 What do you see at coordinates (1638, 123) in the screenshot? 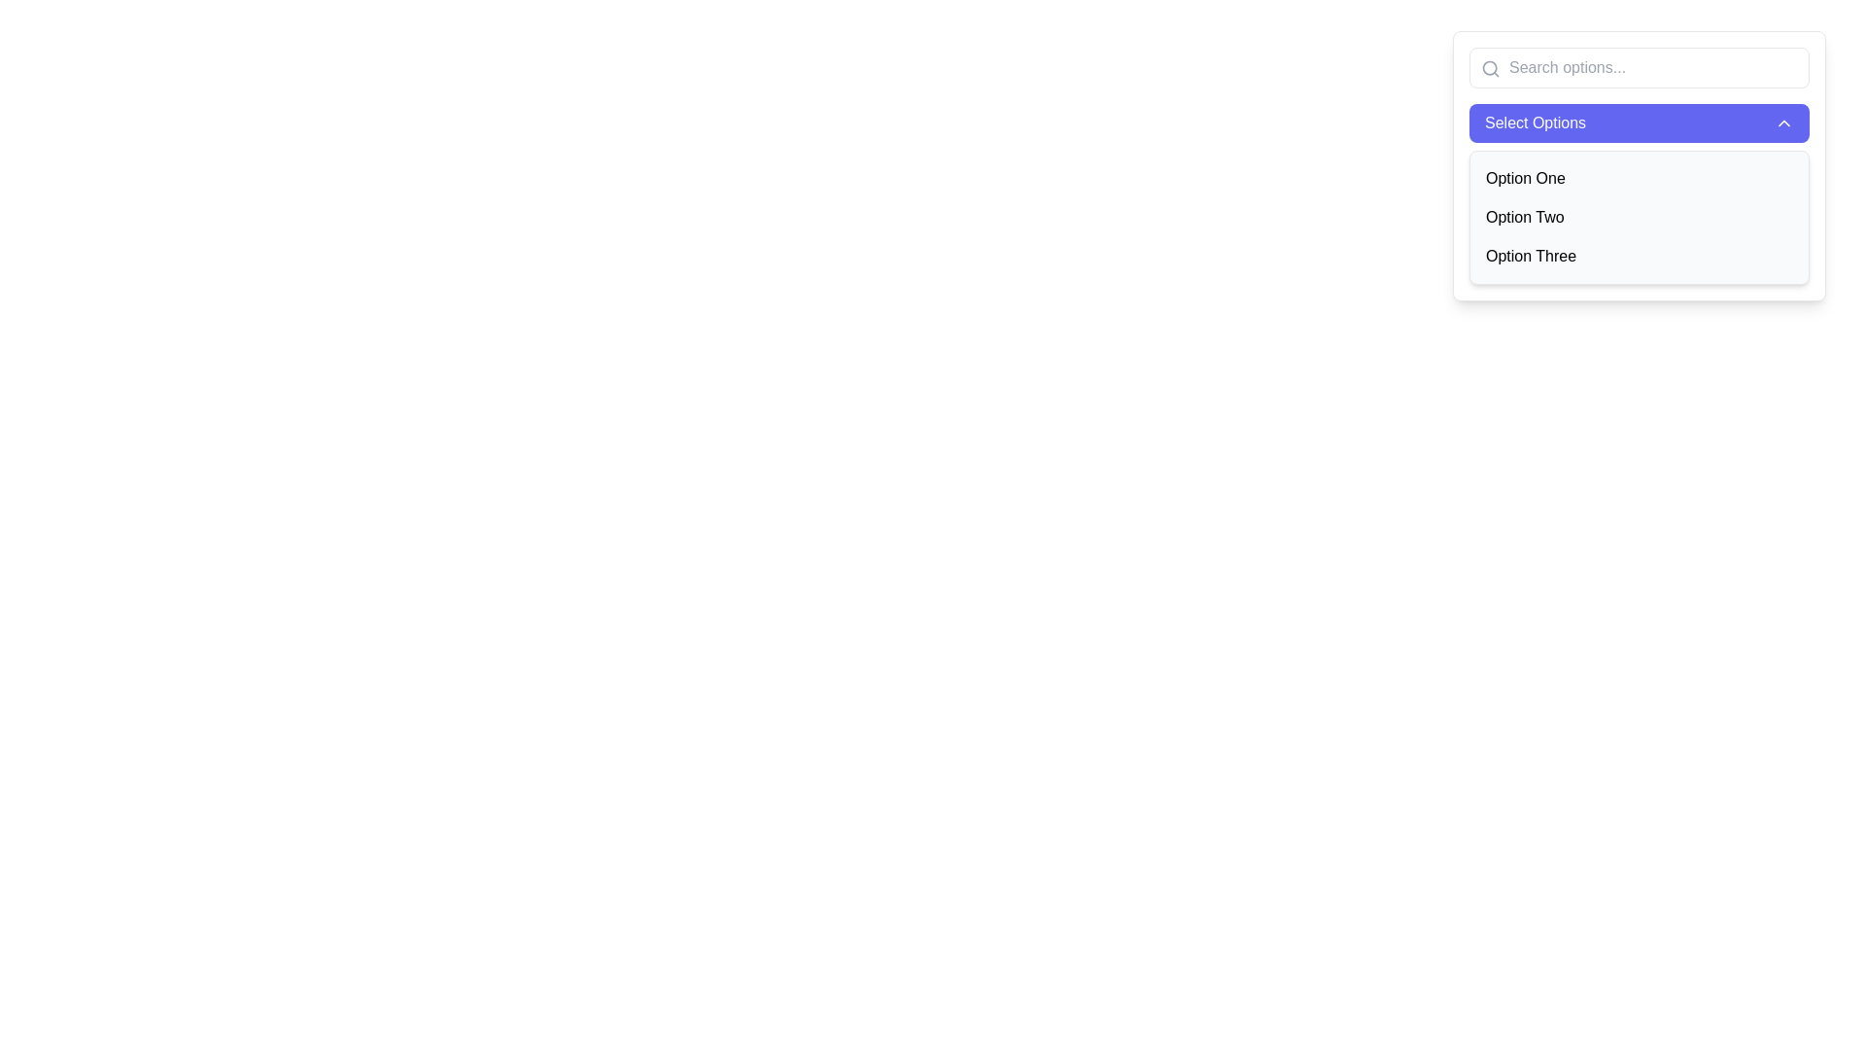
I see `the dropdown button located below the search input field` at bounding box center [1638, 123].